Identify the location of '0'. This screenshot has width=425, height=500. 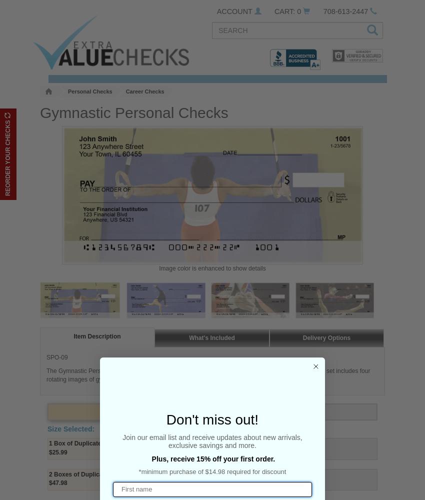
(298, 11).